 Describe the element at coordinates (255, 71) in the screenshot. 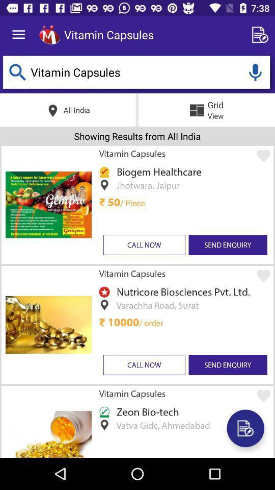

I see `holding` at that location.